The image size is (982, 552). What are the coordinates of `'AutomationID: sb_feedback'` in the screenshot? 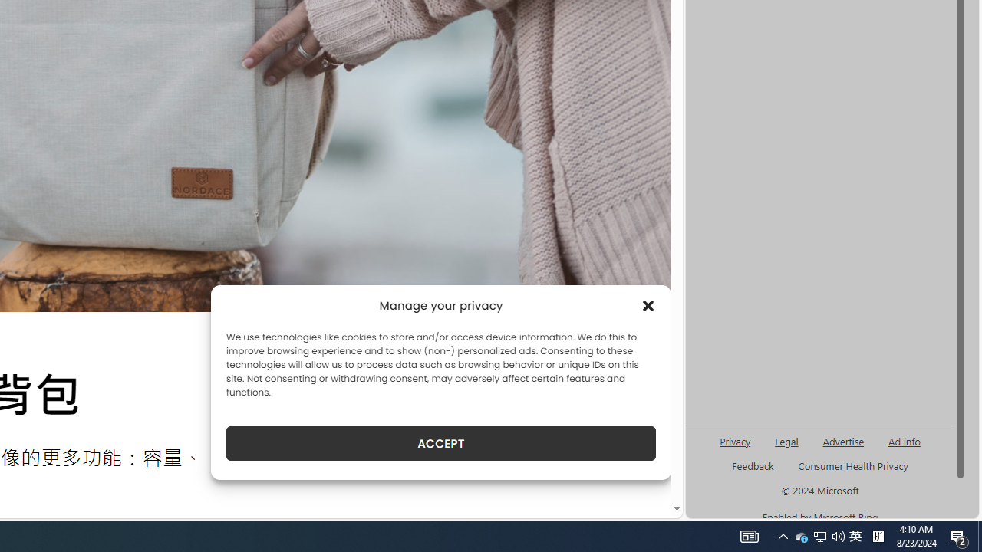 It's located at (753, 465).